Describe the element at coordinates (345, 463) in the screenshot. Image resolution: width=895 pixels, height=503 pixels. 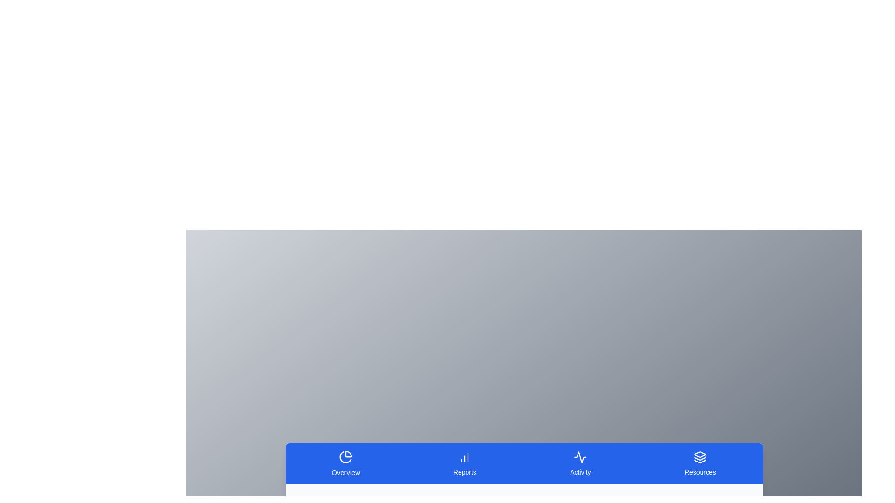
I see `the tab corresponding to Overview` at that location.